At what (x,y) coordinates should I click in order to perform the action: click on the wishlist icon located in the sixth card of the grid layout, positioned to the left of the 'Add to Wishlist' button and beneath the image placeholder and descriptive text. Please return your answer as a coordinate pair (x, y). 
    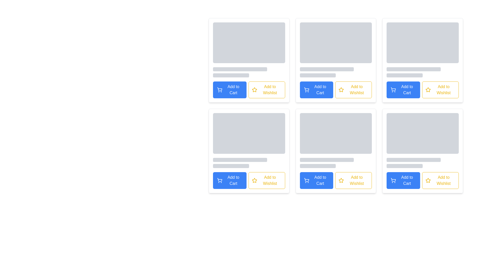
    Looking at the image, I should click on (341, 180).